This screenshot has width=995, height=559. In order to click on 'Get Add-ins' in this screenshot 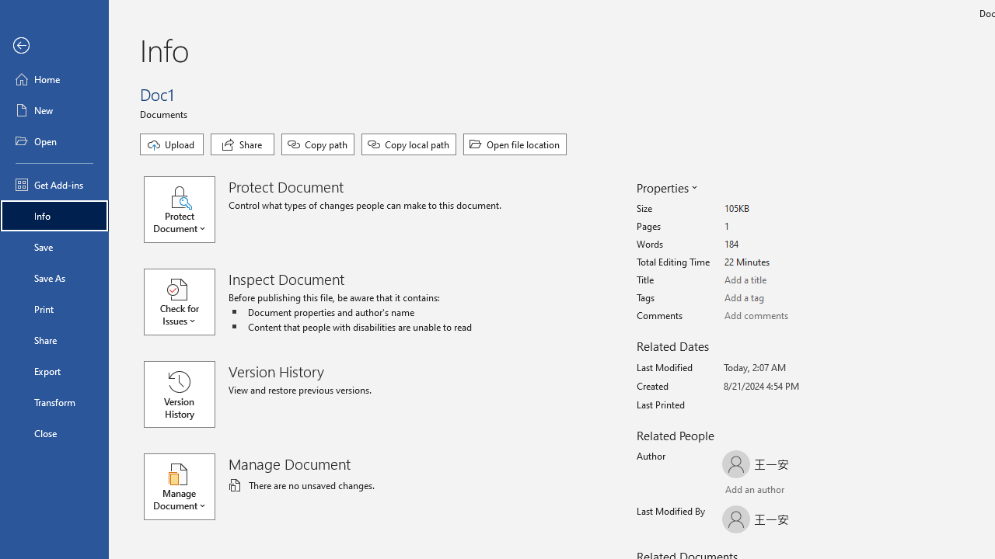, I will do `click(54, 183)`.